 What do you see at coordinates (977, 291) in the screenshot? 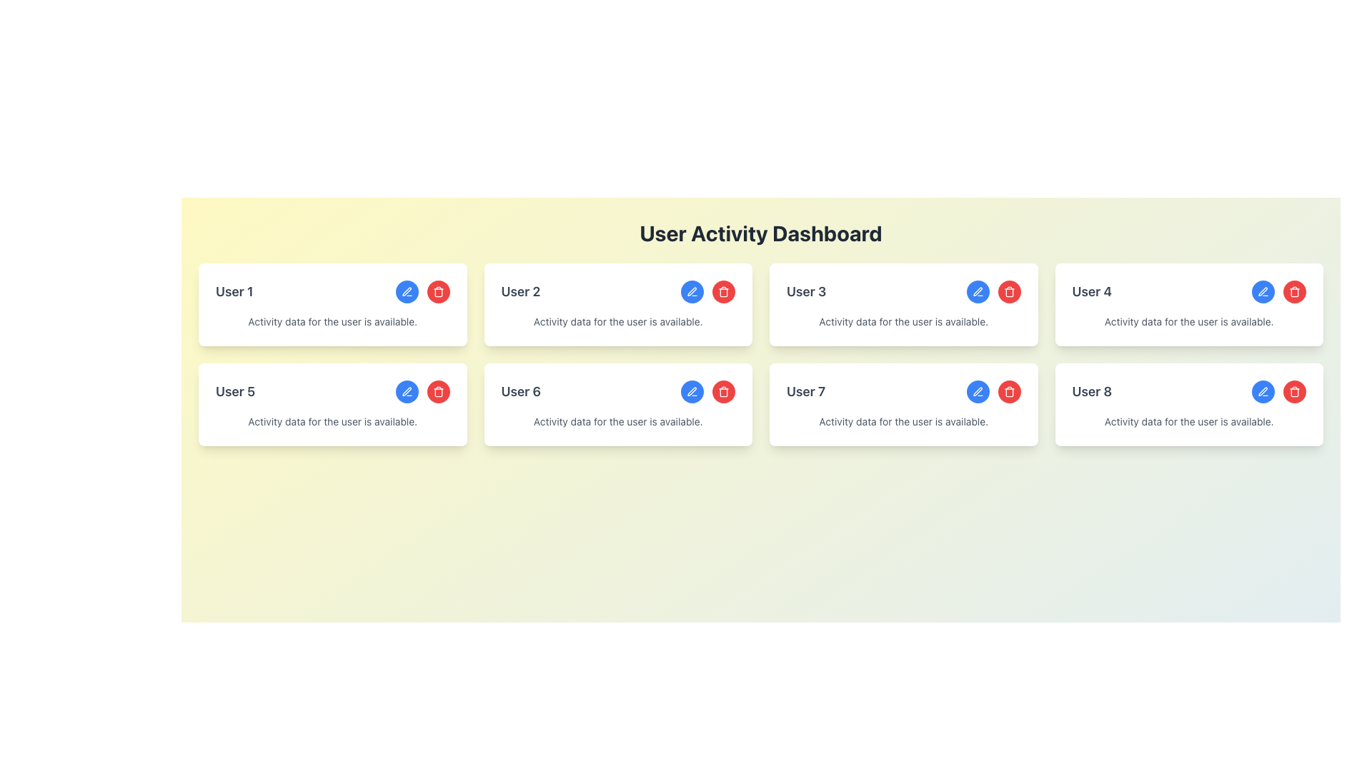
I see `the pen icon button located in the top-right corner of the 'User 6' card` at bounding box center [977, 291].